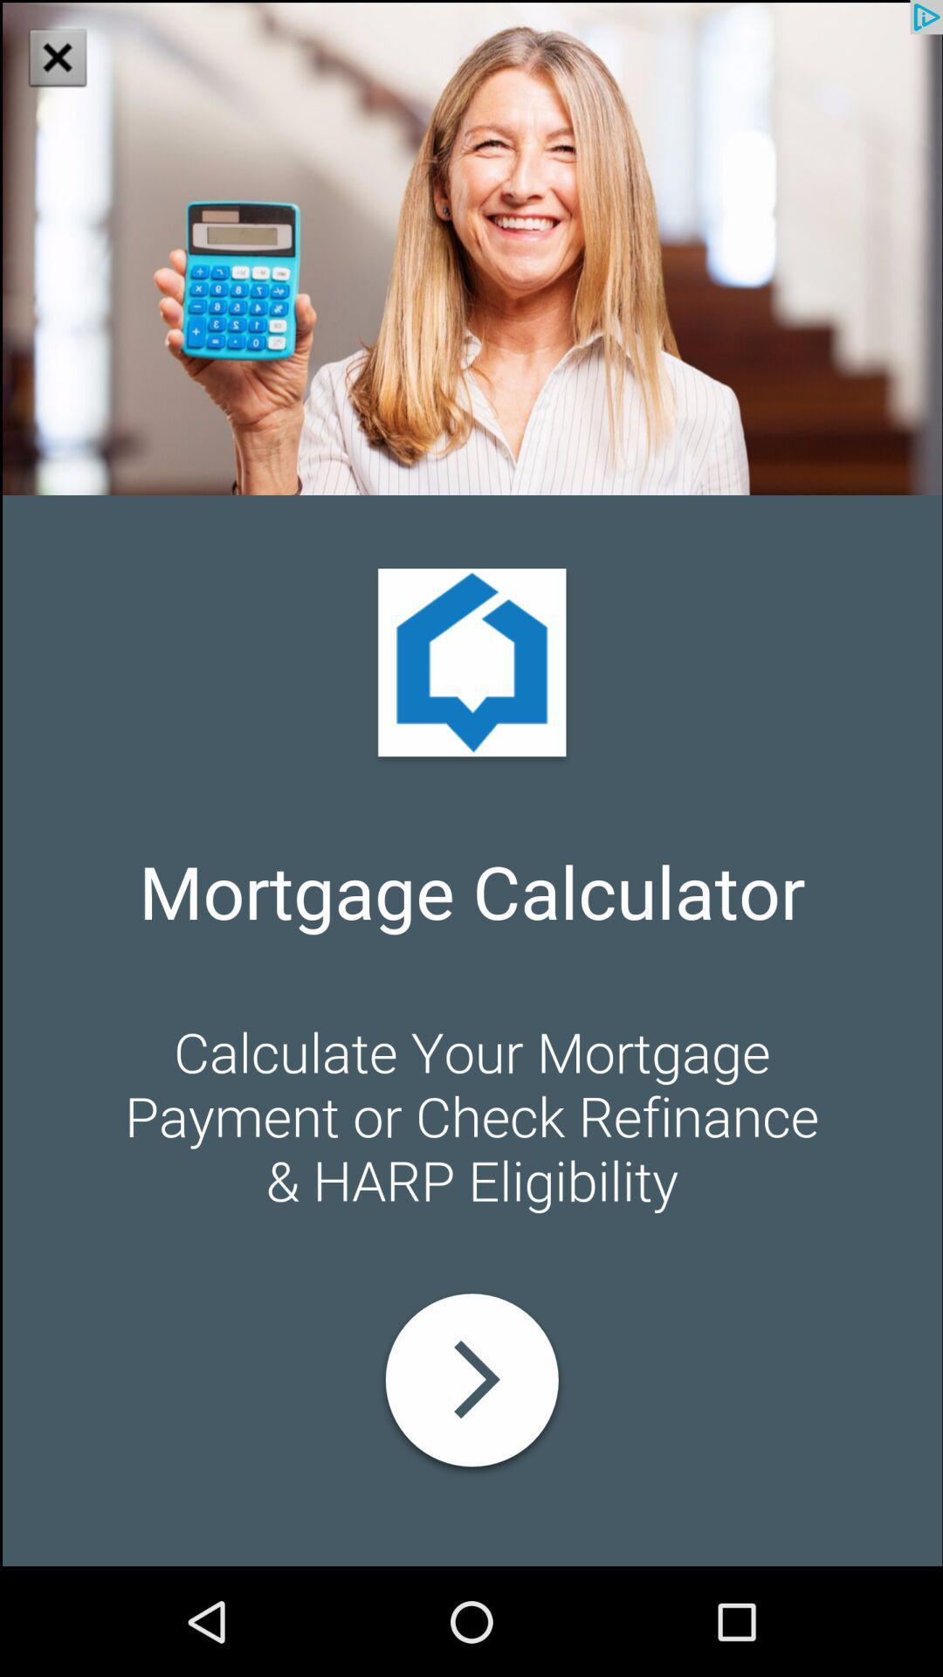 The height and width of the screenshot is (1677, 943). Describe the element at coordinates (56, 61) in the screenshot. I see `the close icon` at that location.